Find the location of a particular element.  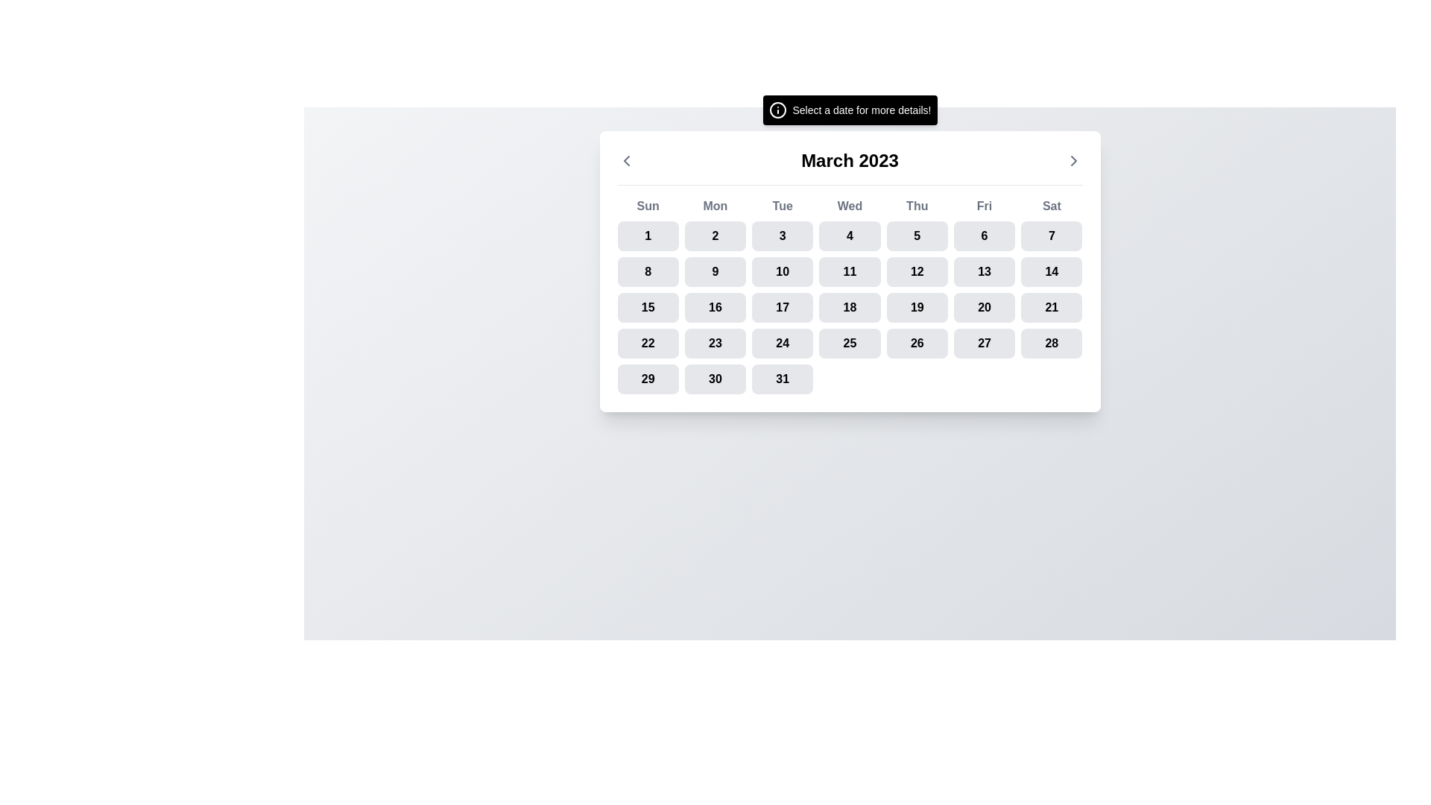

the rectangular calendar element with rounded corners and a white background that displays March 2023, centered in the interface is located at coordinates (850, 271).